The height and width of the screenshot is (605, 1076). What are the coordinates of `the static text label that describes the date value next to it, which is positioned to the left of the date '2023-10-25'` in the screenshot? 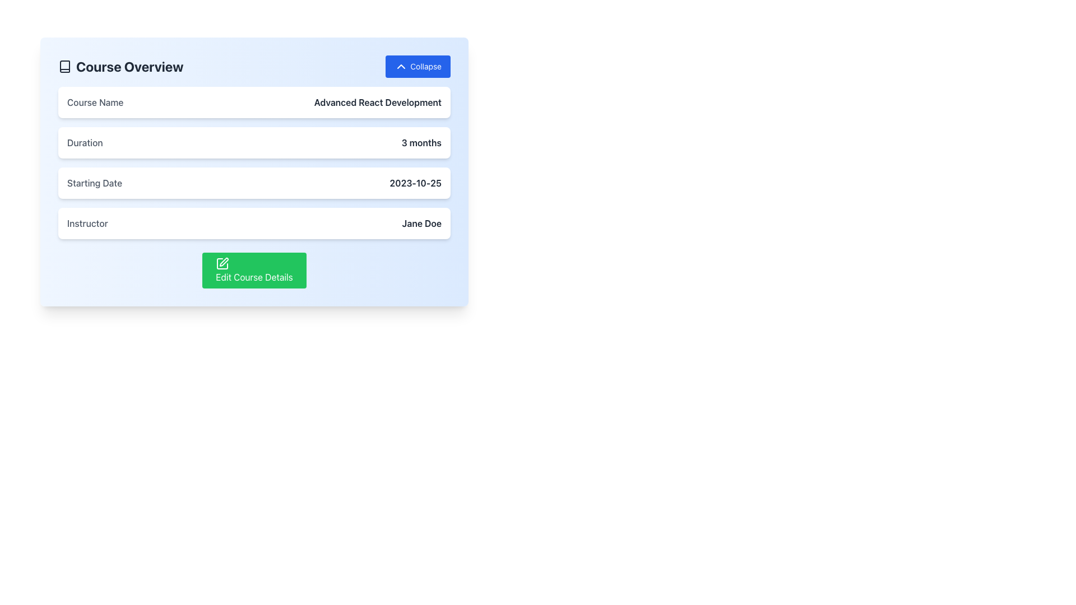 It's located at (95, 183).